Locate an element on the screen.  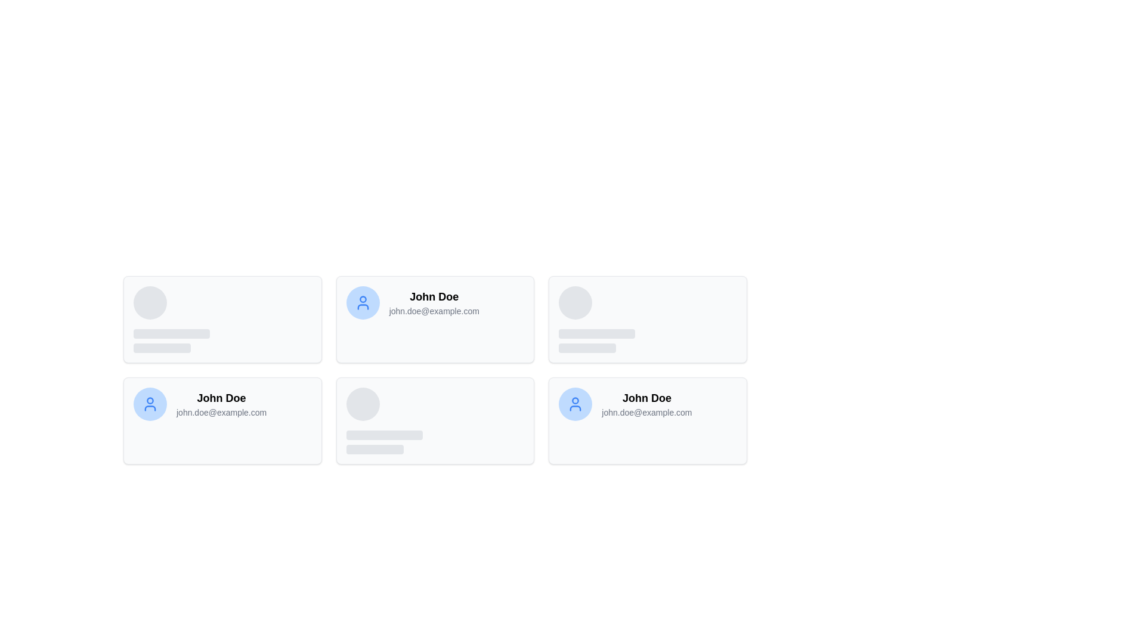
the Profile Card element which visually and textually represents a user, located in the bottom-right position of a grid layout is located at coordinates (647, 420).